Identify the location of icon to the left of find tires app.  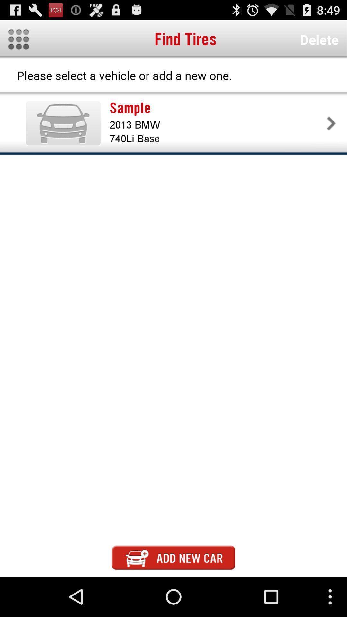
(18, 39).